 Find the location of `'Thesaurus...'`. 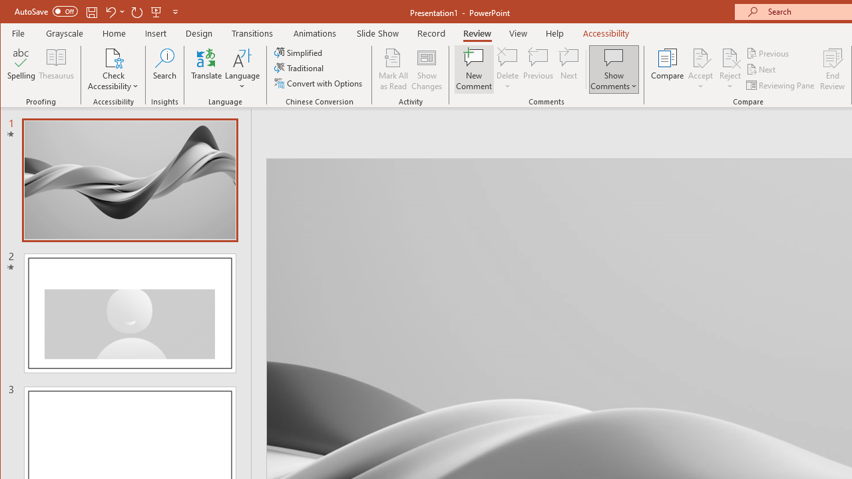

'Thesaurus...' is located at coordinates (56, 69).